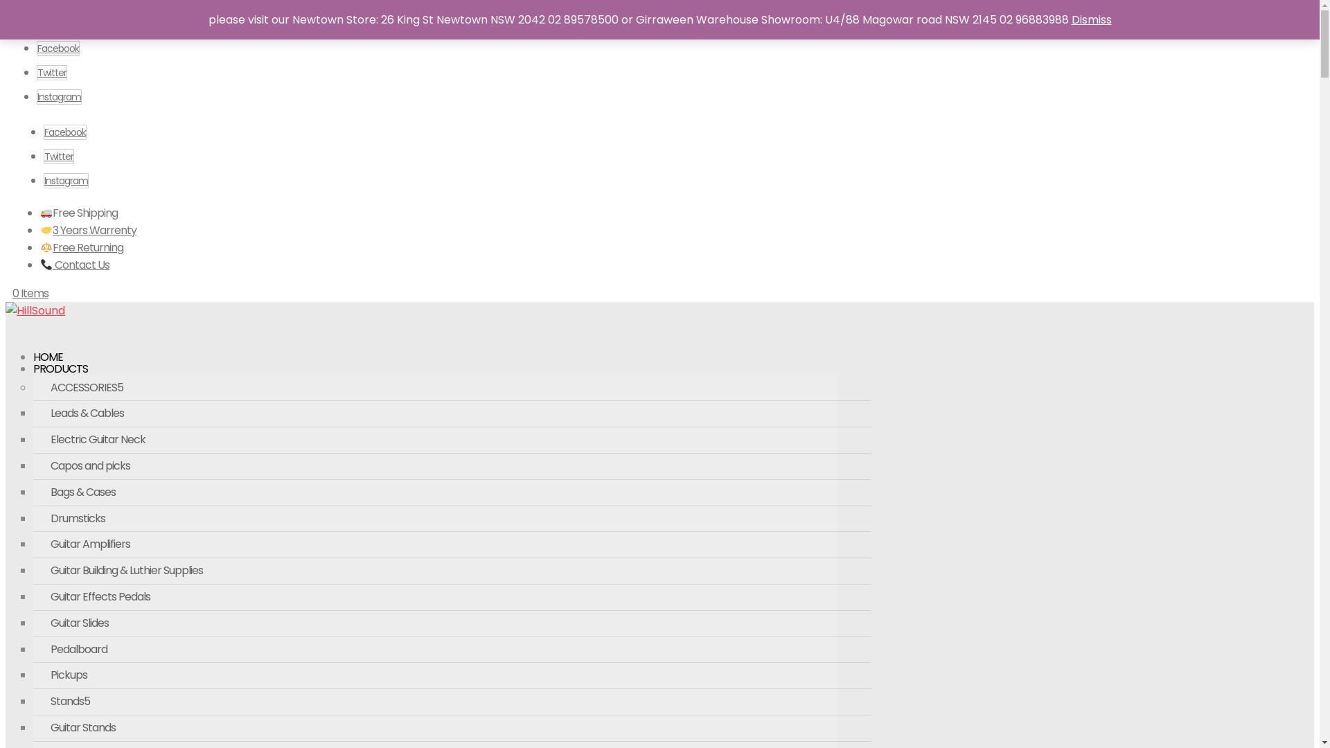 Image resolution: width=1330 pixels, height=748 pixels. I want to click on '3 Years Warrenty', so click(39, 229).